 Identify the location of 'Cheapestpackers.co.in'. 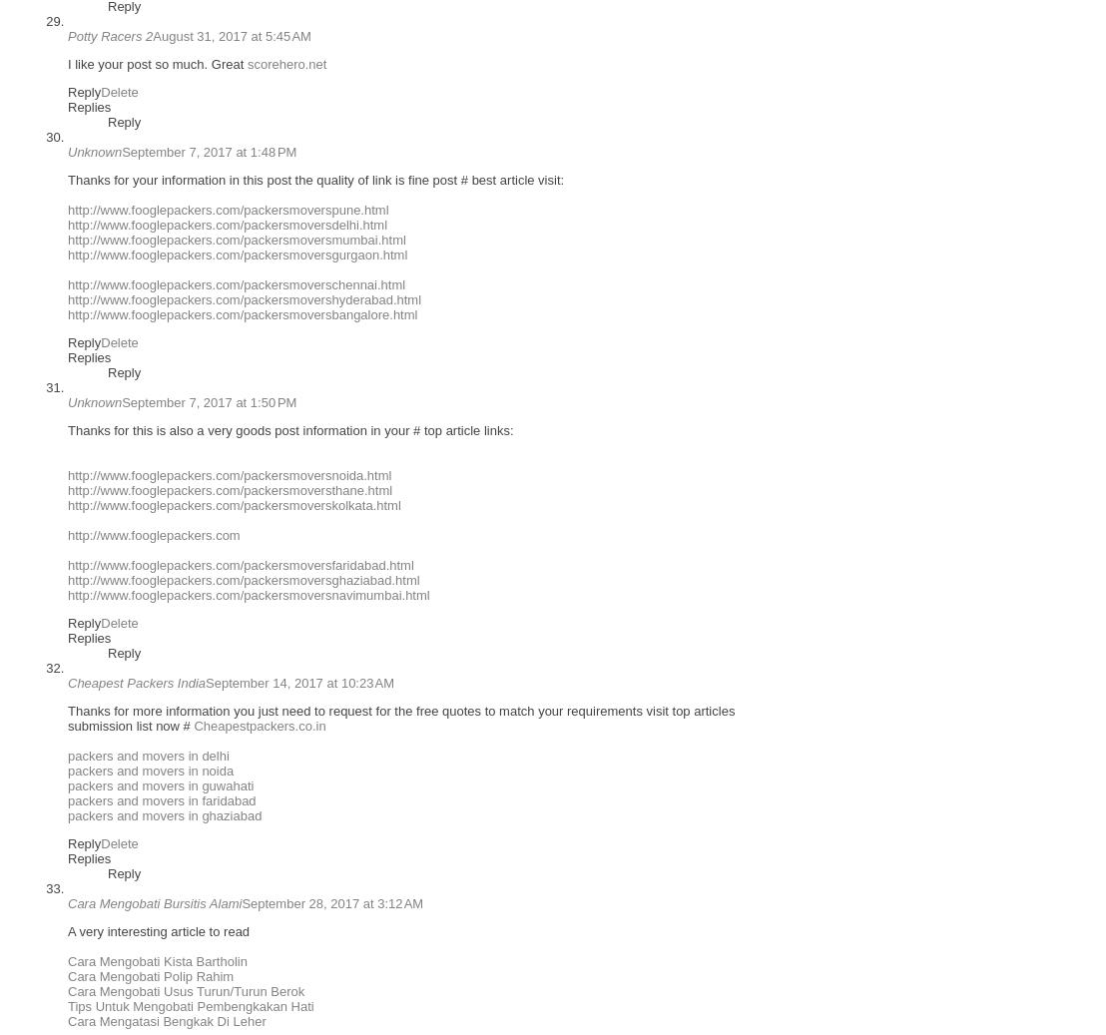
(259, 726).